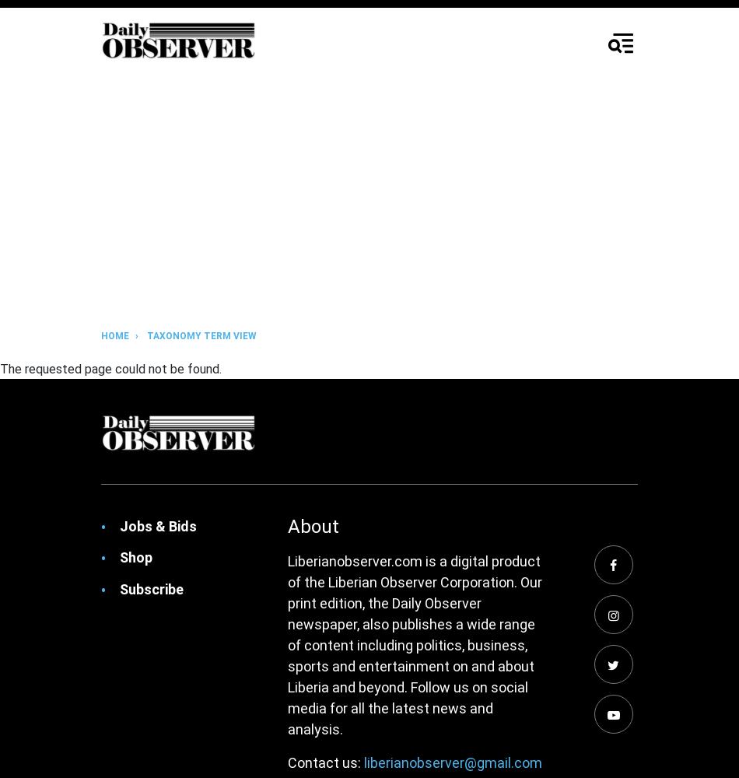 The height and width of the screenshot is (778, 739). What do you see at coordinates (201, 335) in the screenshot?
I see `'Taxonomy Term view'` at bounding box center [201, 335].